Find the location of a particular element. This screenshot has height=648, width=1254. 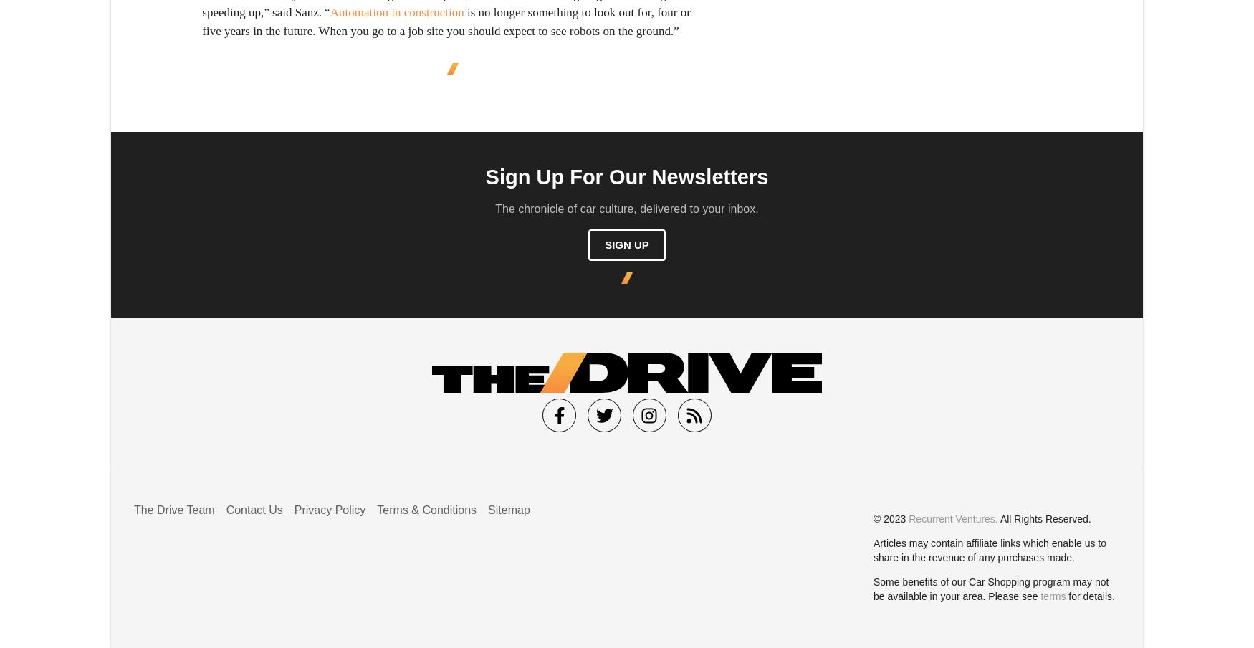

'for details.' is located at coordinates (1088, 596).